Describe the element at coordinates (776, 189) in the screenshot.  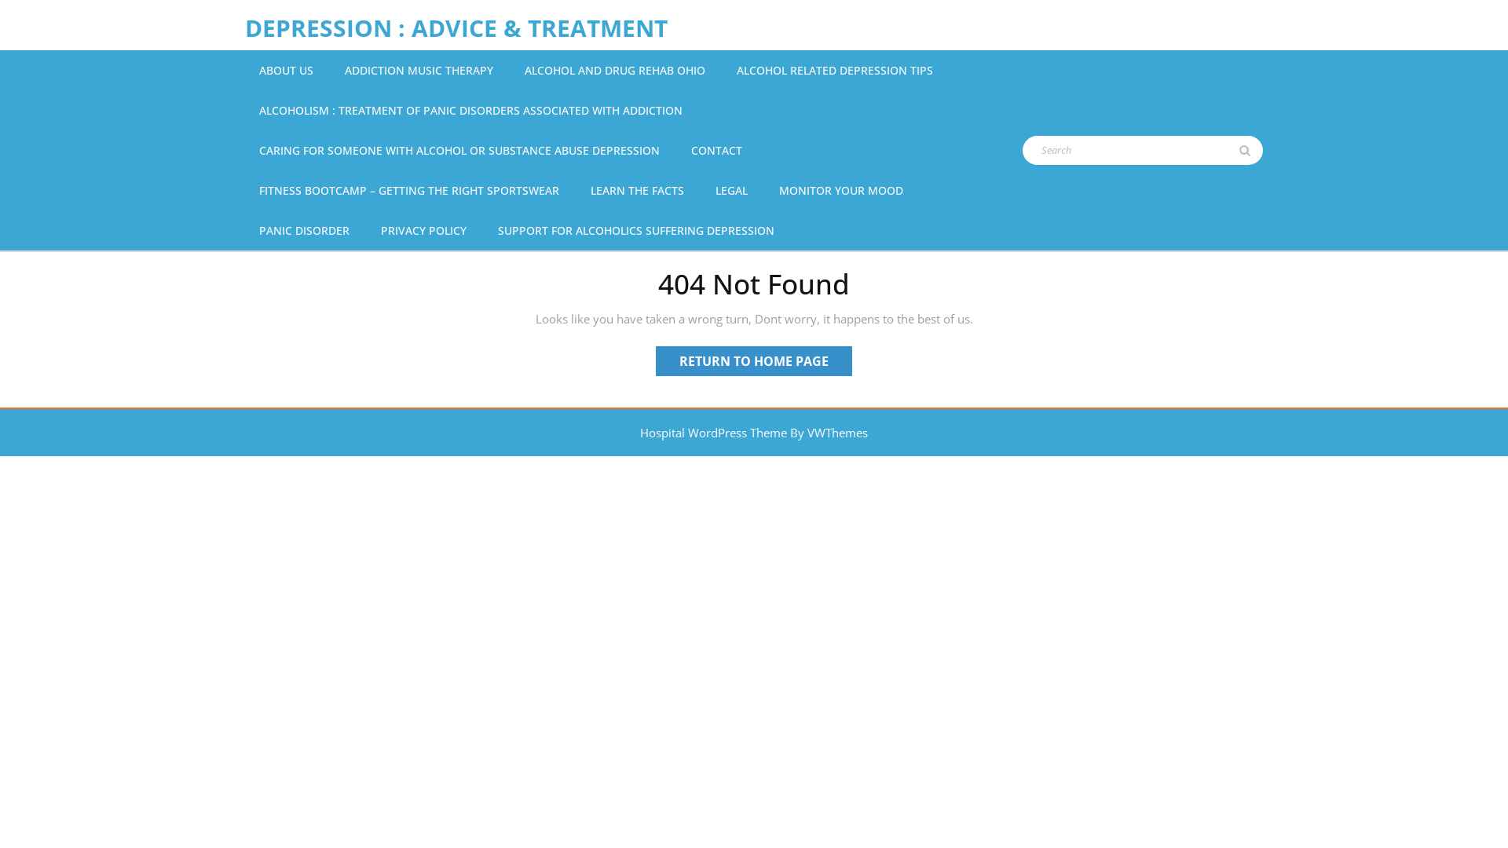
I see `'MONITOR YOUR MOOD'` at that location.